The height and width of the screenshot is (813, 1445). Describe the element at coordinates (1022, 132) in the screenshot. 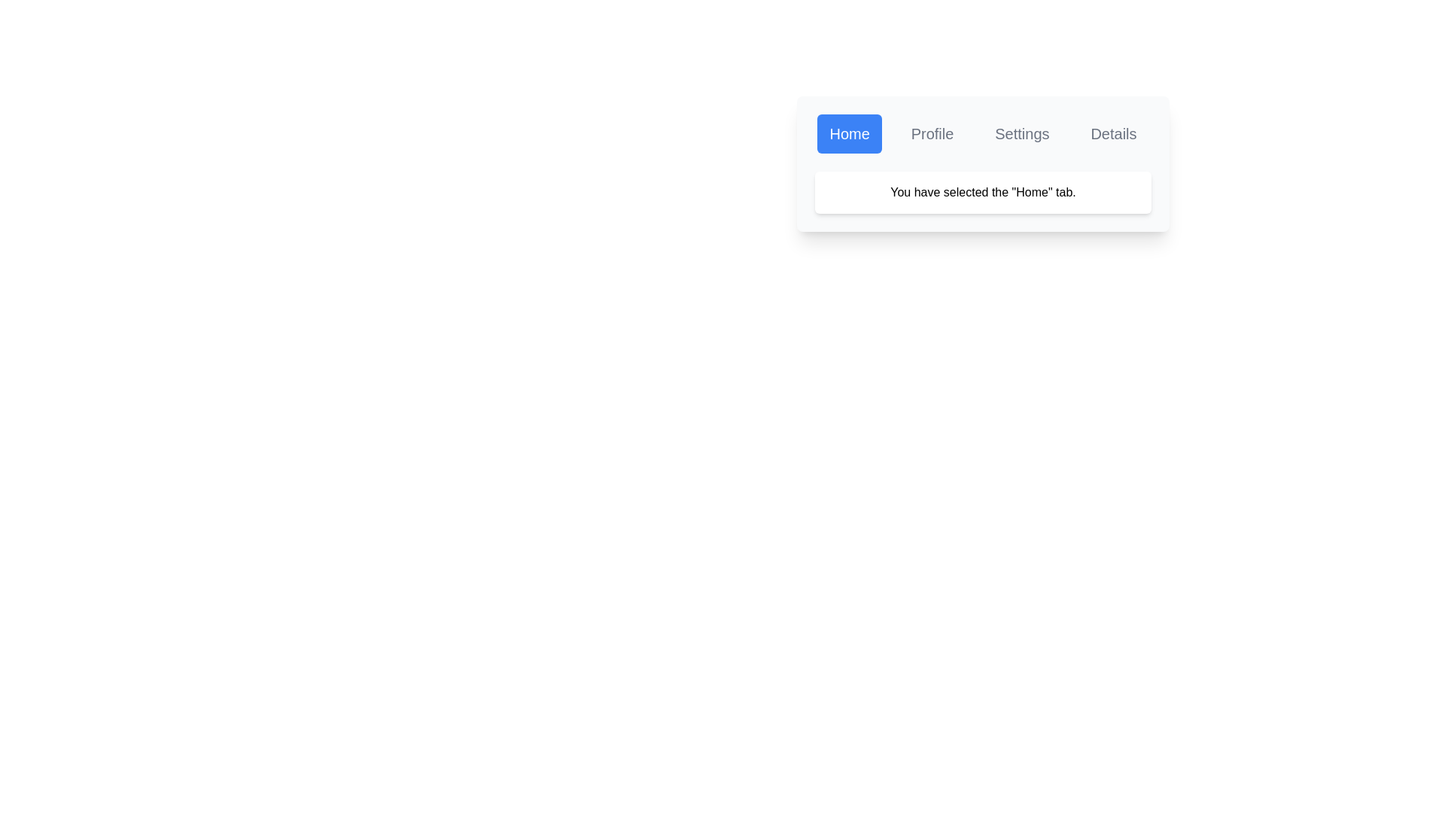

I see `the Settings tab` at that location.